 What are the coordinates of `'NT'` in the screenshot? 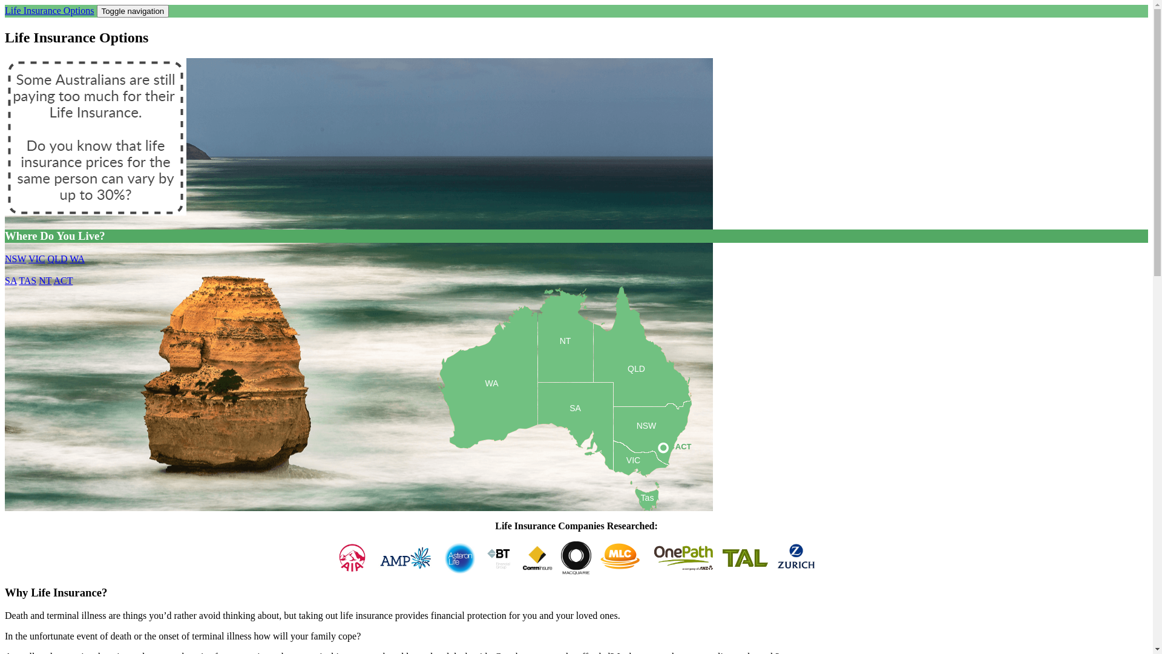 It's located at (564, 358).